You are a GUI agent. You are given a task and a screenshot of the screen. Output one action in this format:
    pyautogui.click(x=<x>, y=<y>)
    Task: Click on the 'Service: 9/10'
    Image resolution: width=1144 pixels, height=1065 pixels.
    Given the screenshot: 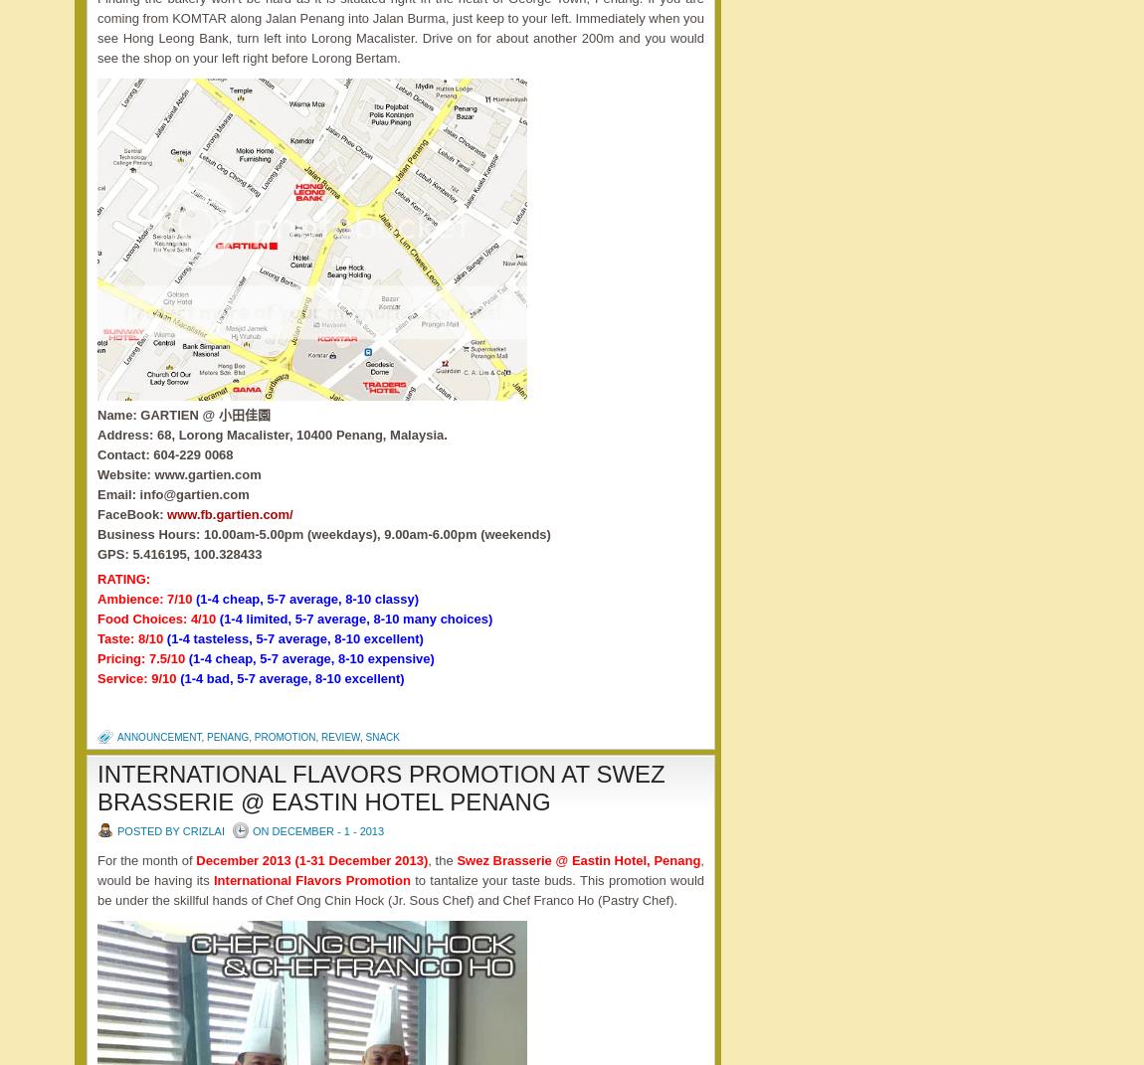 What is the action you would take?
    pyautogui.click(x=137, y=677)
    